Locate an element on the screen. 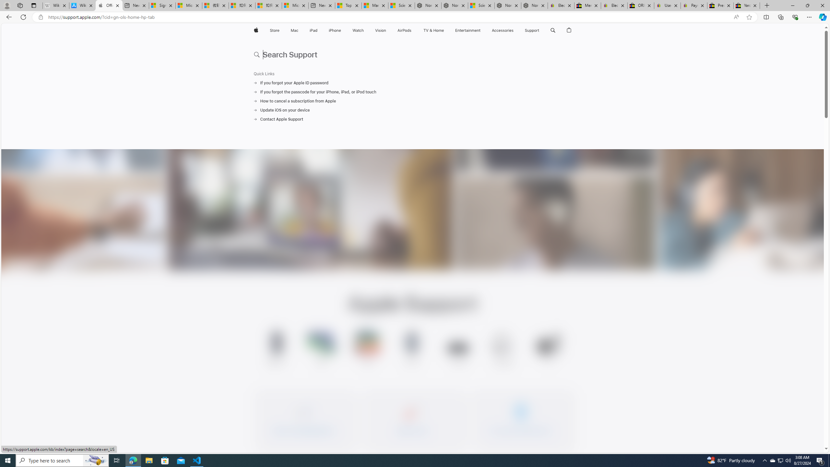 The image size is (830, 467). 'Vision' is located at coordinates (381, 30).